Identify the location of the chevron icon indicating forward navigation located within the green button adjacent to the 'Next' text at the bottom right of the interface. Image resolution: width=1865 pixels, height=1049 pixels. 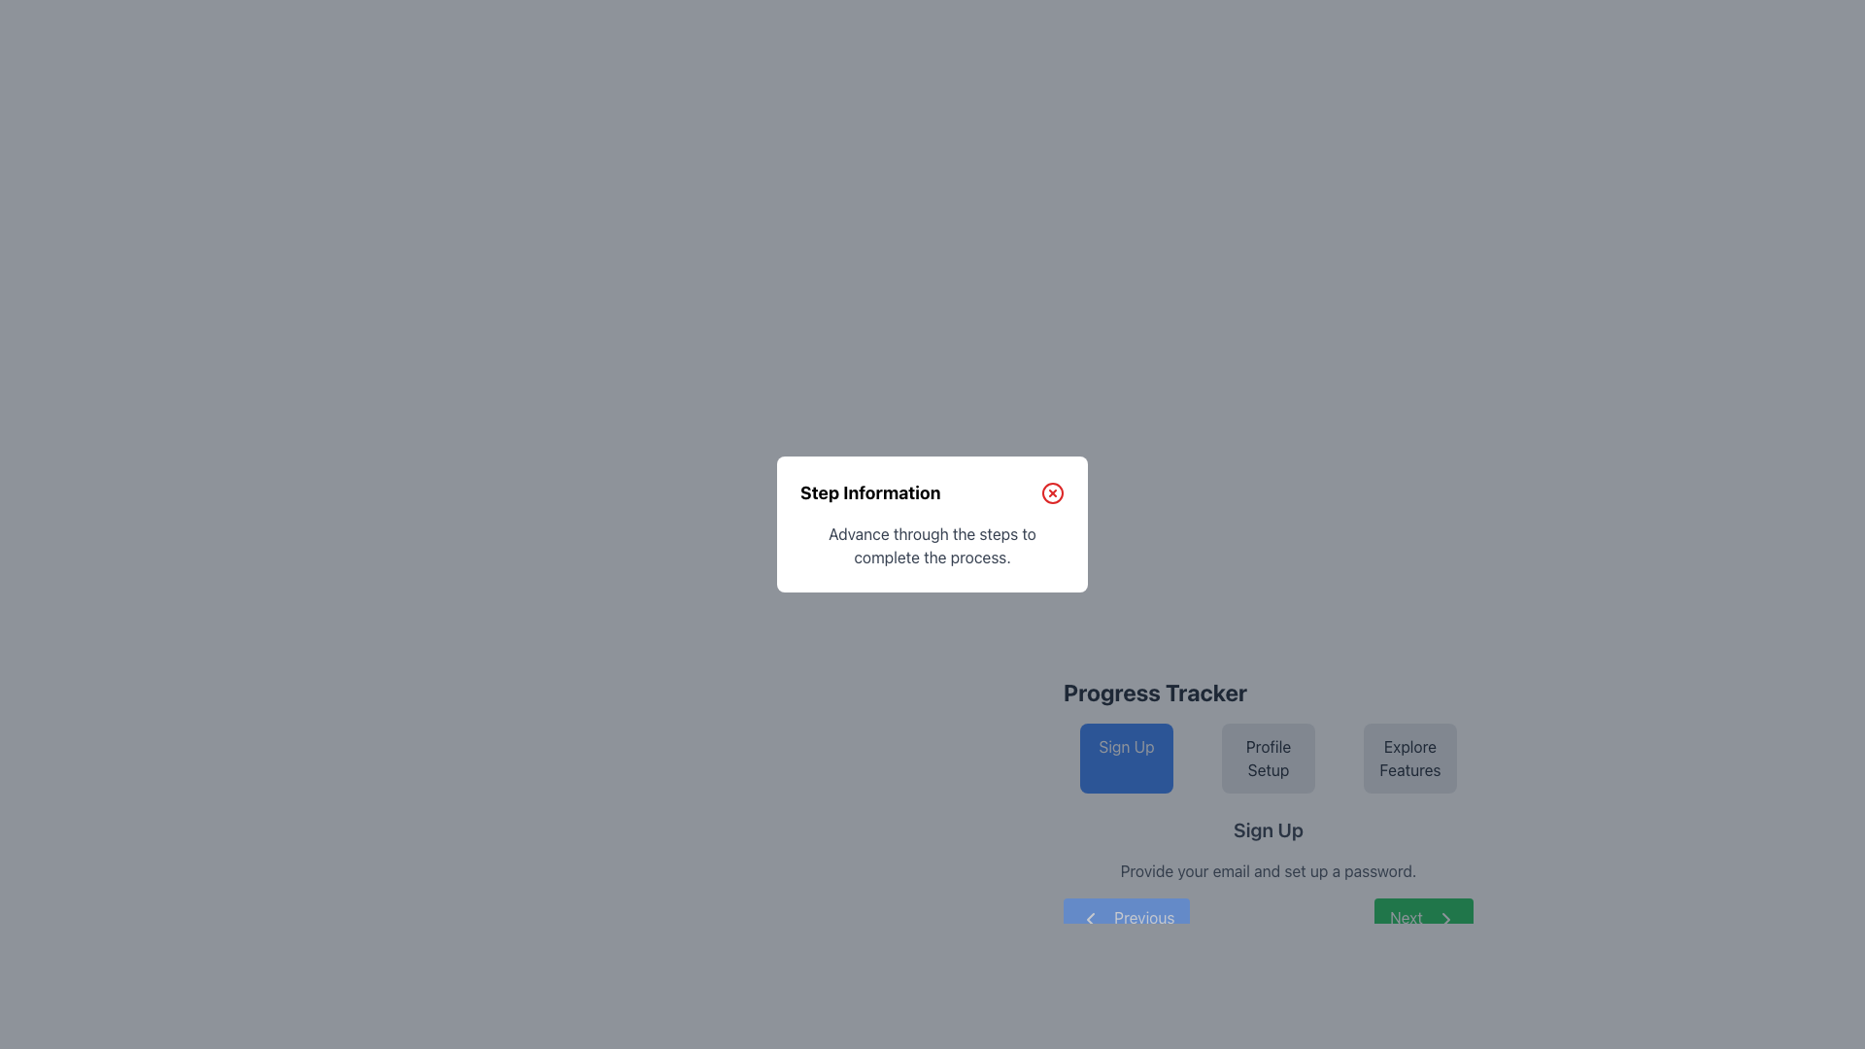
(1445, 918).